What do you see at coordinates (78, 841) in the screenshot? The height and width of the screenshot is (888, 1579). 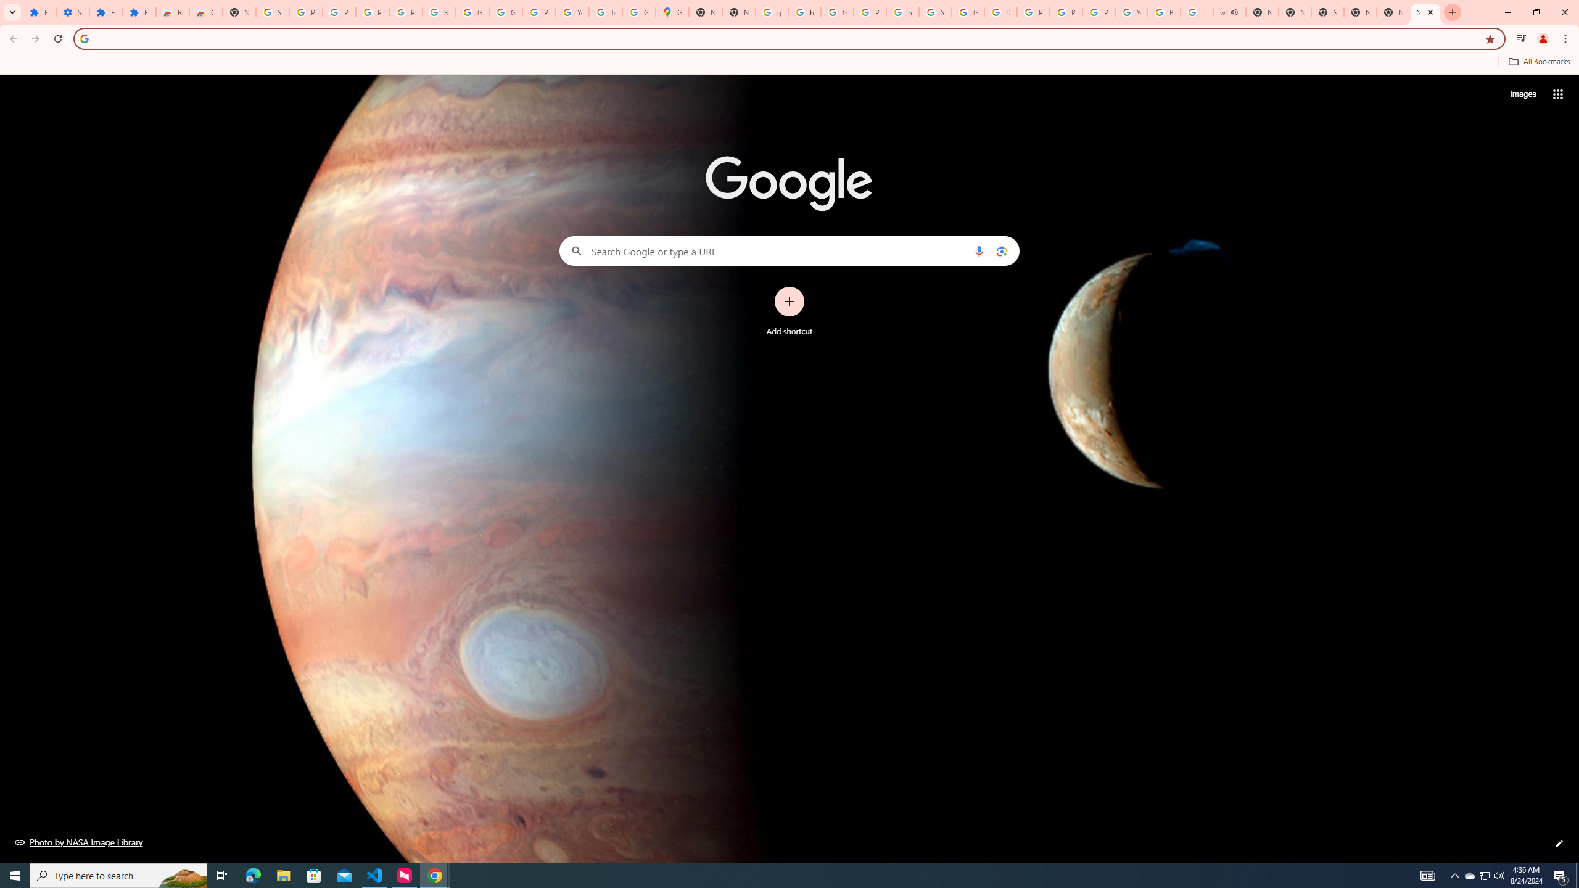 I see `'Photo by NASA Image Library'` at bounding box center [78, 841].